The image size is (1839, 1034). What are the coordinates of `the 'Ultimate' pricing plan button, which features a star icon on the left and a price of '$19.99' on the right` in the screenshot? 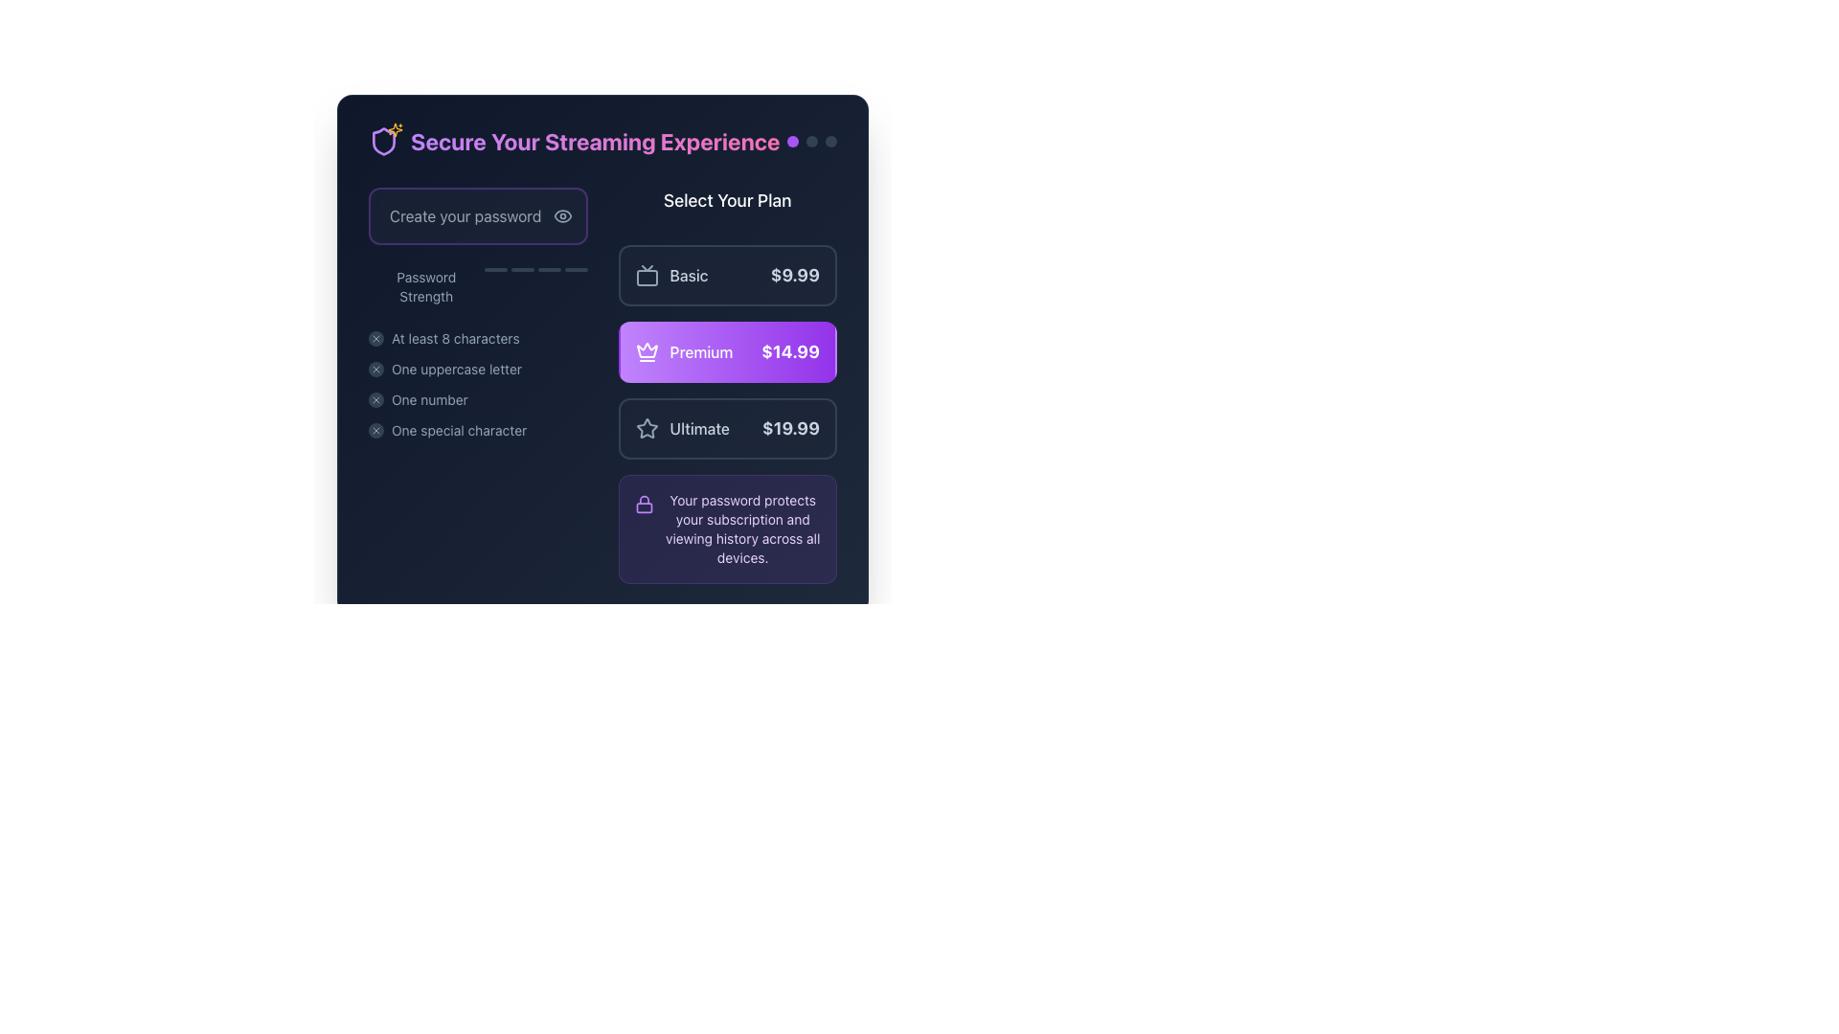 It's located at (726, 427).